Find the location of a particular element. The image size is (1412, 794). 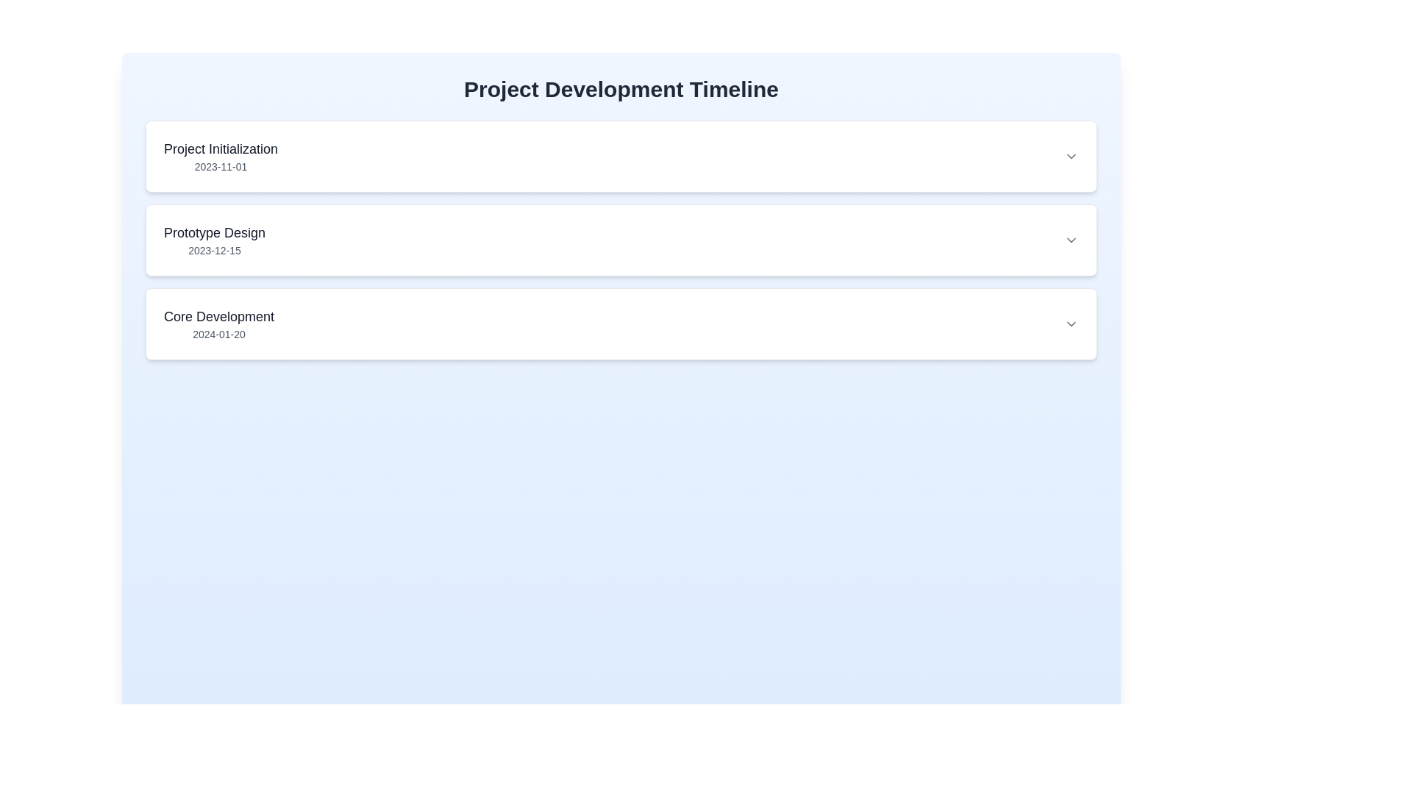

the toggle button located to the far right of the 'Core Development' section, aligned with the title and date is located at coordinates (1072, 323).